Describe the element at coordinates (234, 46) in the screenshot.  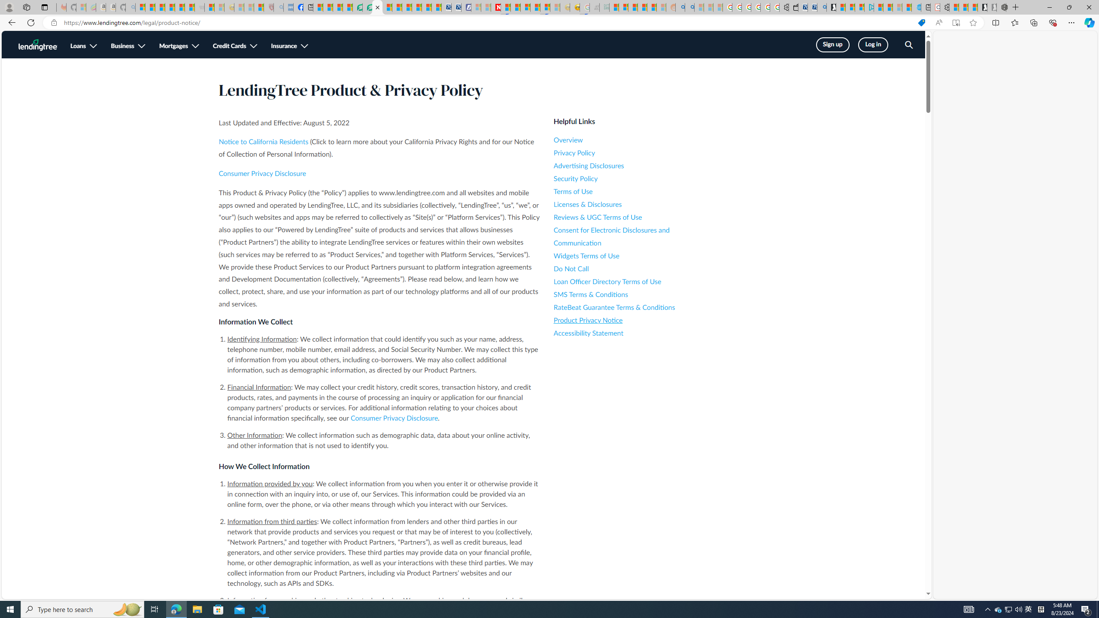
I see `'Credit Cards, see more'` at that location.